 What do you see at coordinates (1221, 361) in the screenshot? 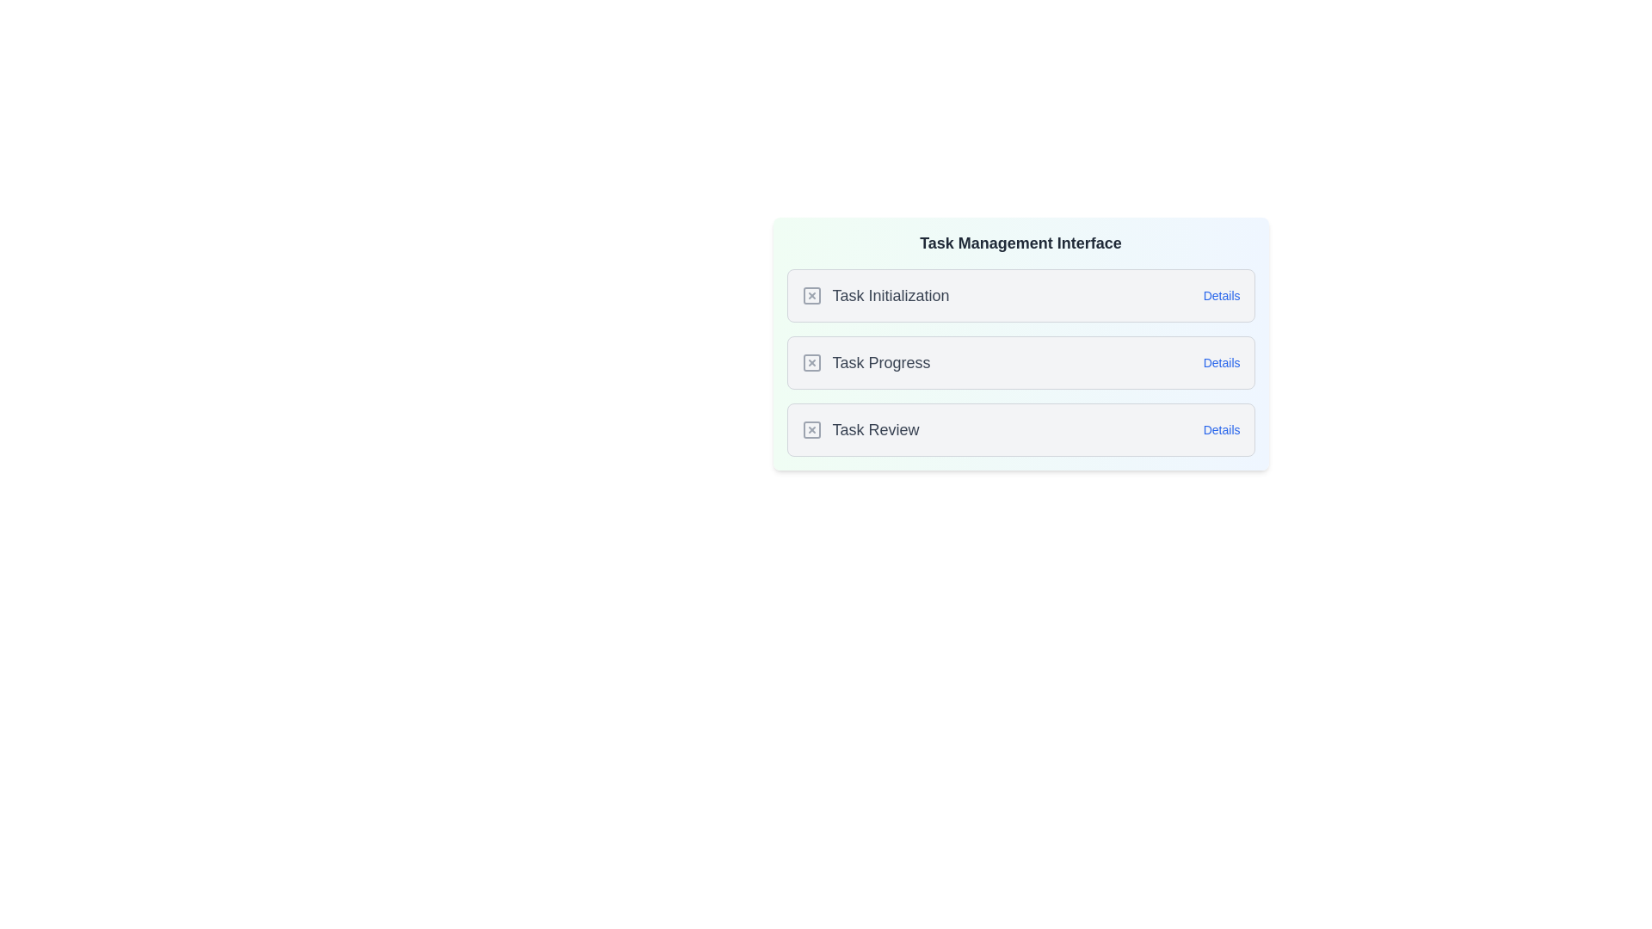
I see `the 'Details' button for Task Progress` at bounding box center [1221, 361].